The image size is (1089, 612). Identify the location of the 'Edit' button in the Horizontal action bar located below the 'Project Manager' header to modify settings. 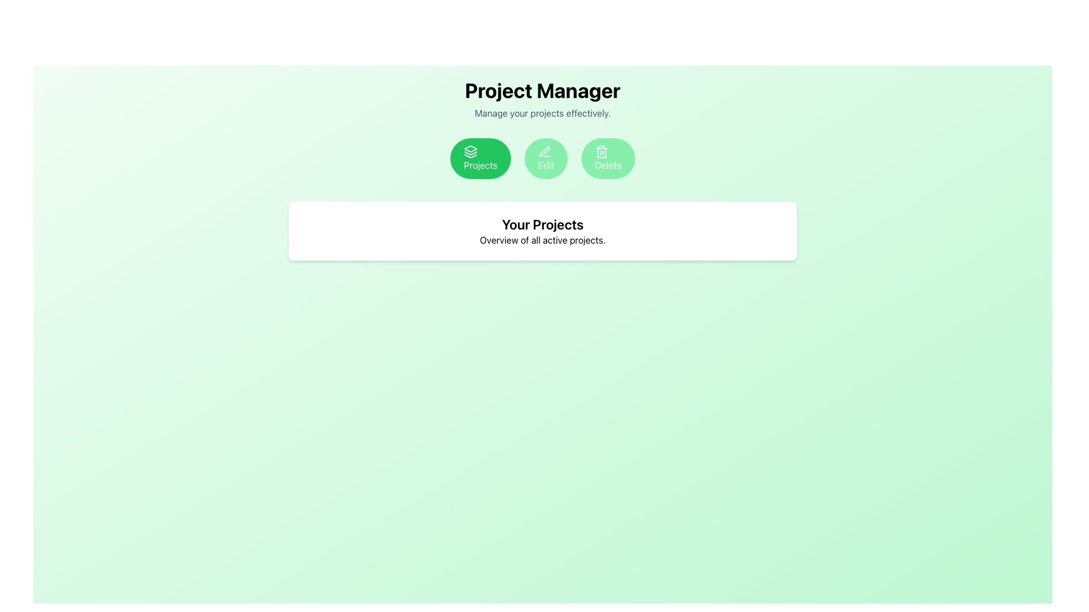
(542, 159).